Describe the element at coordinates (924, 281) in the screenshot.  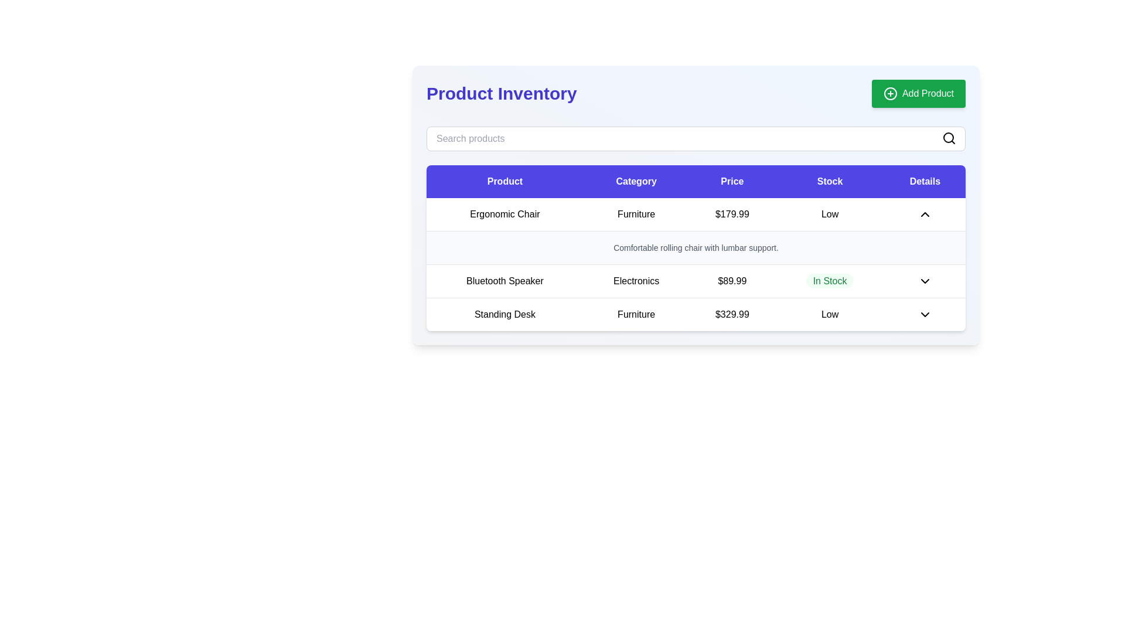
I see `the Dropdown trigger icon, which is an arrow icon pointing downward located in the 'Details' column of the row for 'Bluetooth Speaker'` at that location.